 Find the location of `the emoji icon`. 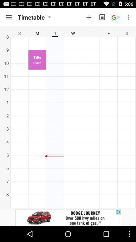

the emoji icon is located at coordinates (115, 18).